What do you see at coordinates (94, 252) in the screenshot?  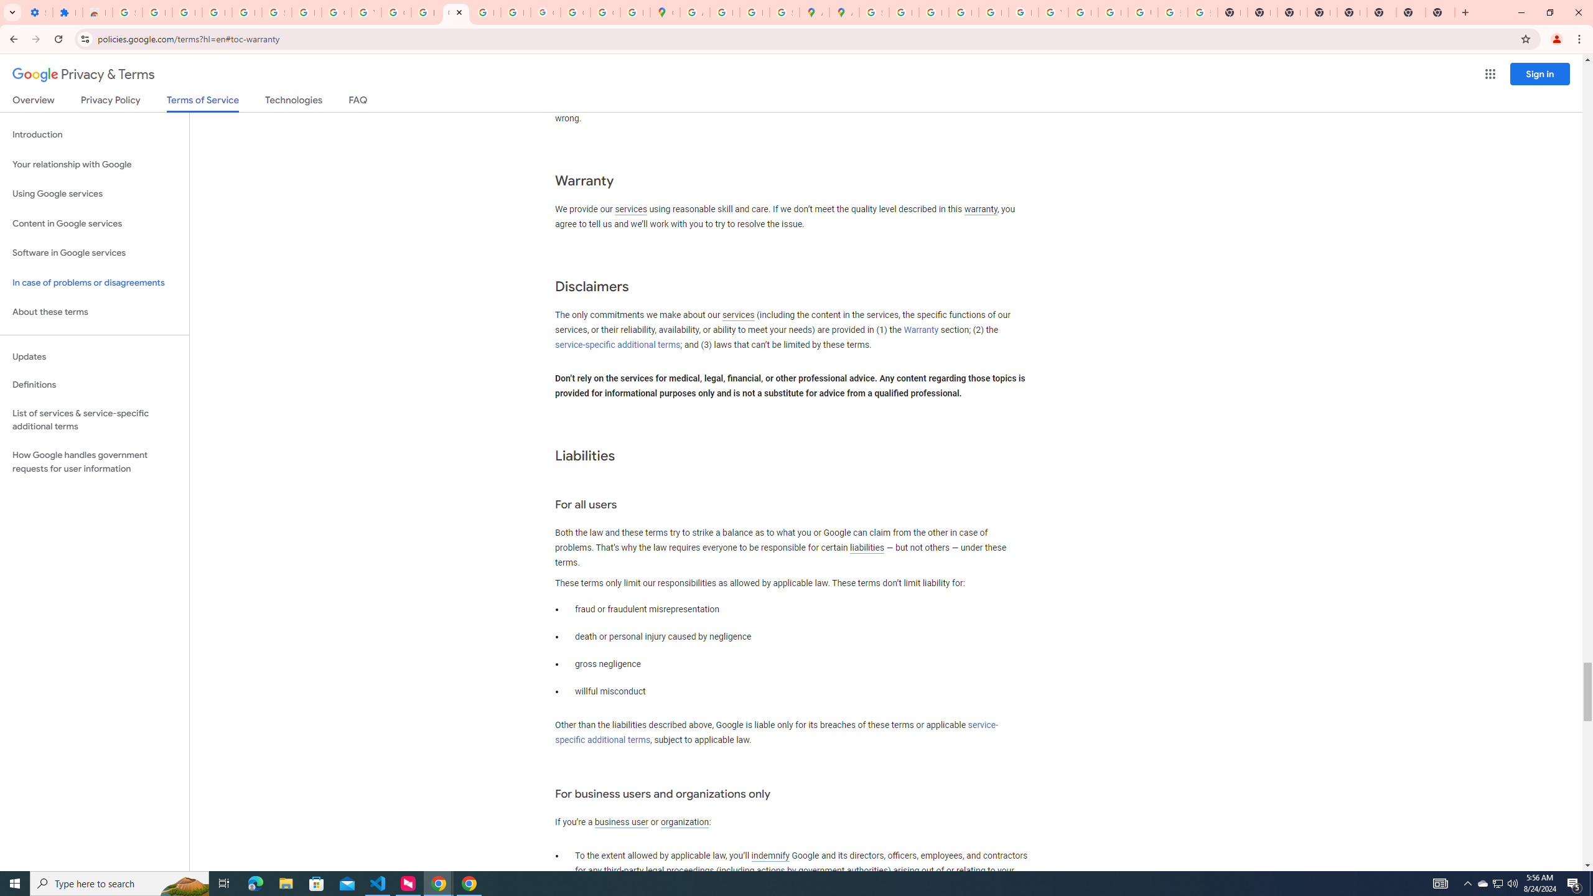 I see `'Software in Google services'` at bounding box center [94, 252].